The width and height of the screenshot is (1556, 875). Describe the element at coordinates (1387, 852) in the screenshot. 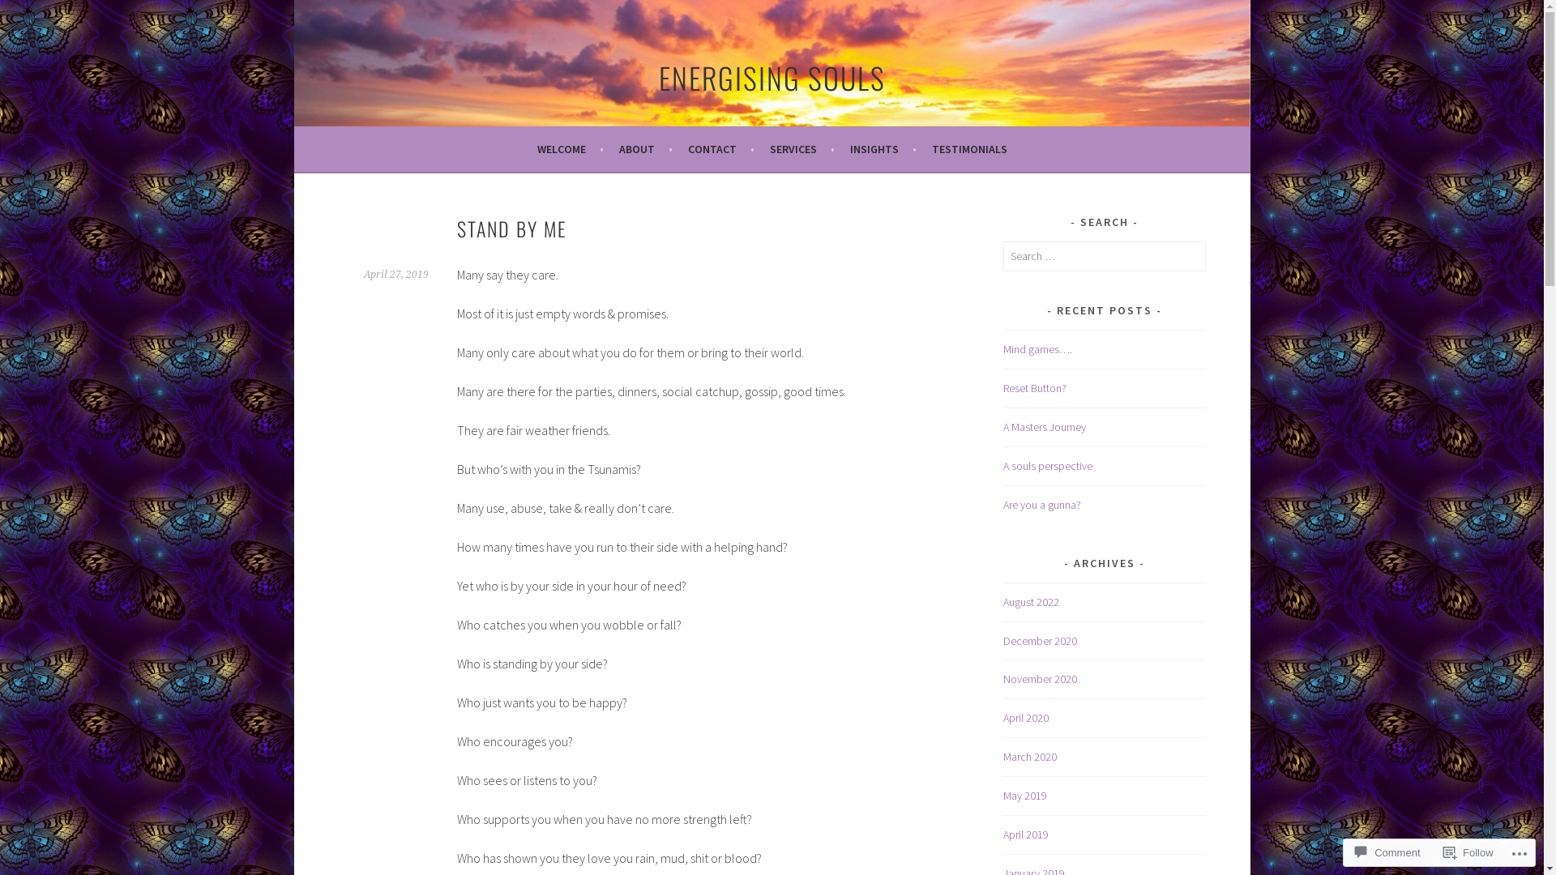

I see `'Comment'` at that location.